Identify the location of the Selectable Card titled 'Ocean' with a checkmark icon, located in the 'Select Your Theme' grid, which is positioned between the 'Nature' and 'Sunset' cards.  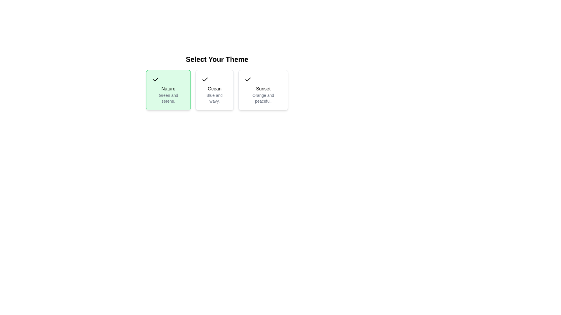
(214, 90).